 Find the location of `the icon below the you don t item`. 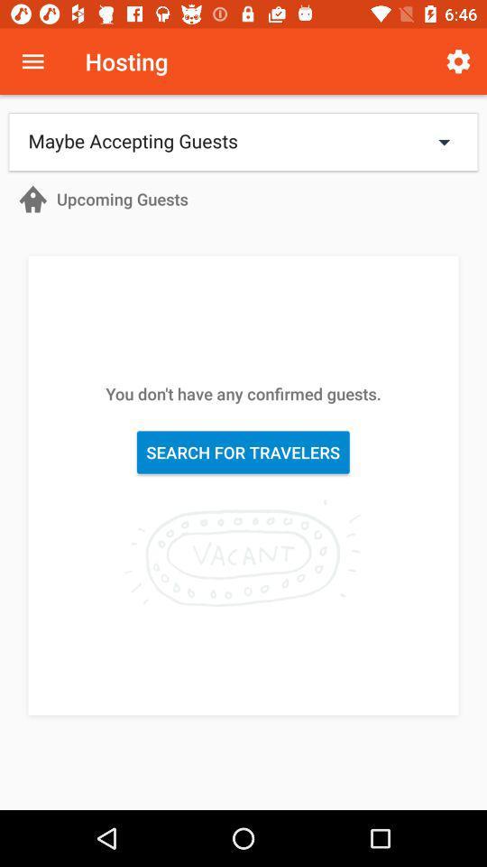

the icon below the you don t item is located at coordinates (243, 452).